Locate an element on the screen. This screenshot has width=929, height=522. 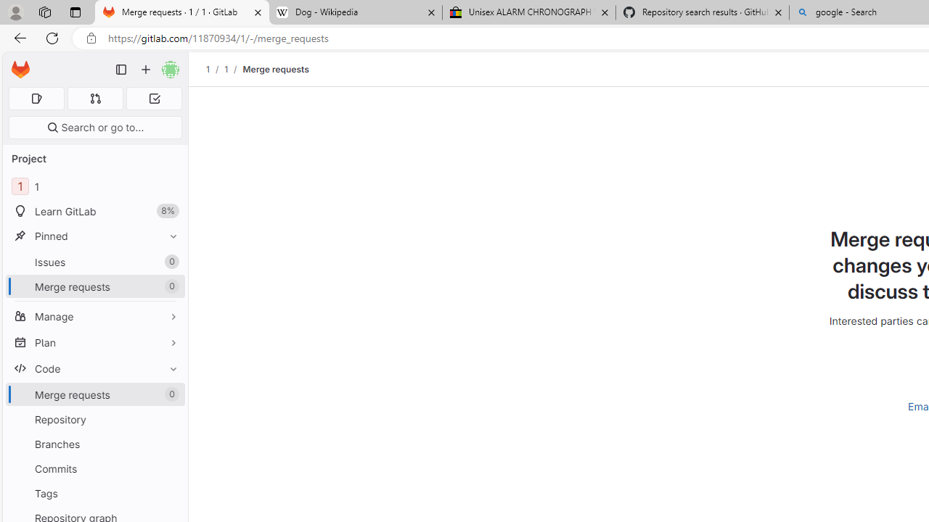
'To-Do list 0' is located at coordinates (154, 98).